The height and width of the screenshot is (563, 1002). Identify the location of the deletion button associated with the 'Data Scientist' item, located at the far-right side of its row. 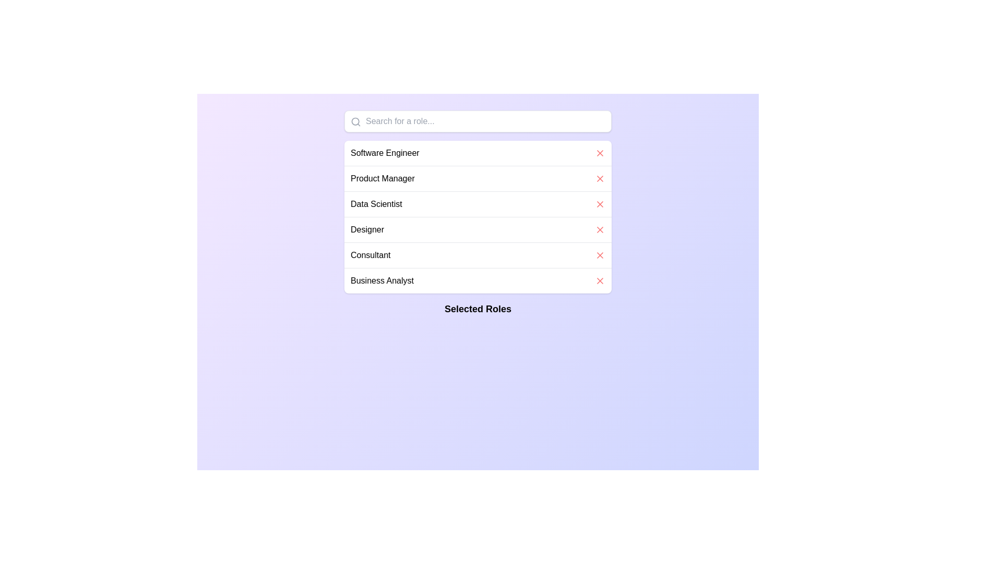
(600, 204).